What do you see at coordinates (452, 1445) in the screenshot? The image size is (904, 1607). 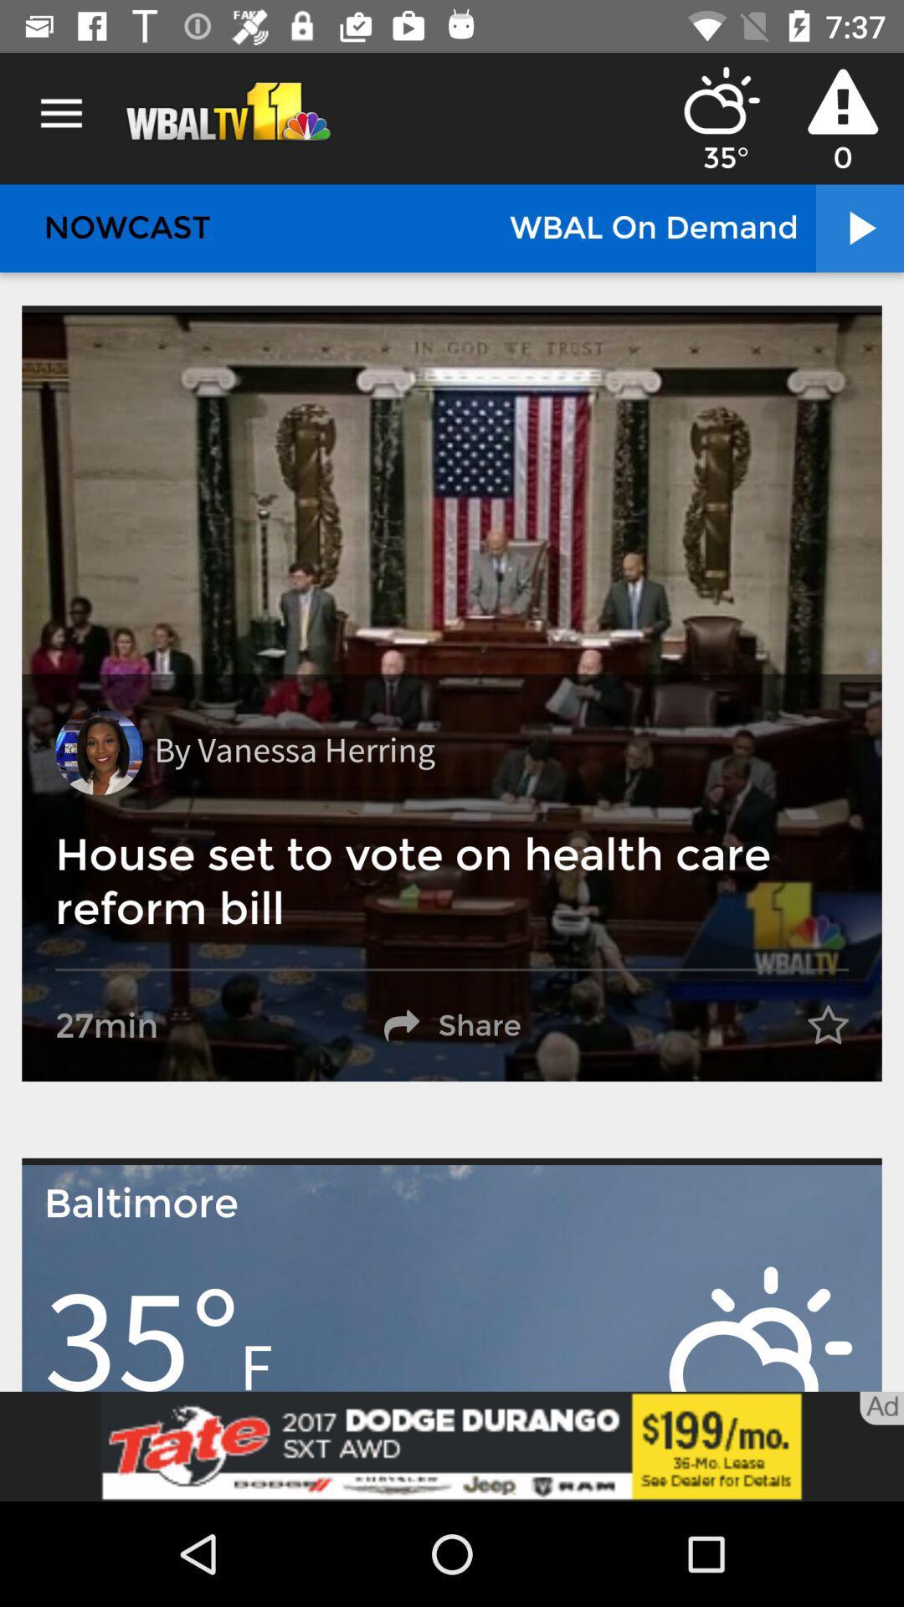 I see `advertising` at bounding box center [452, 1445].